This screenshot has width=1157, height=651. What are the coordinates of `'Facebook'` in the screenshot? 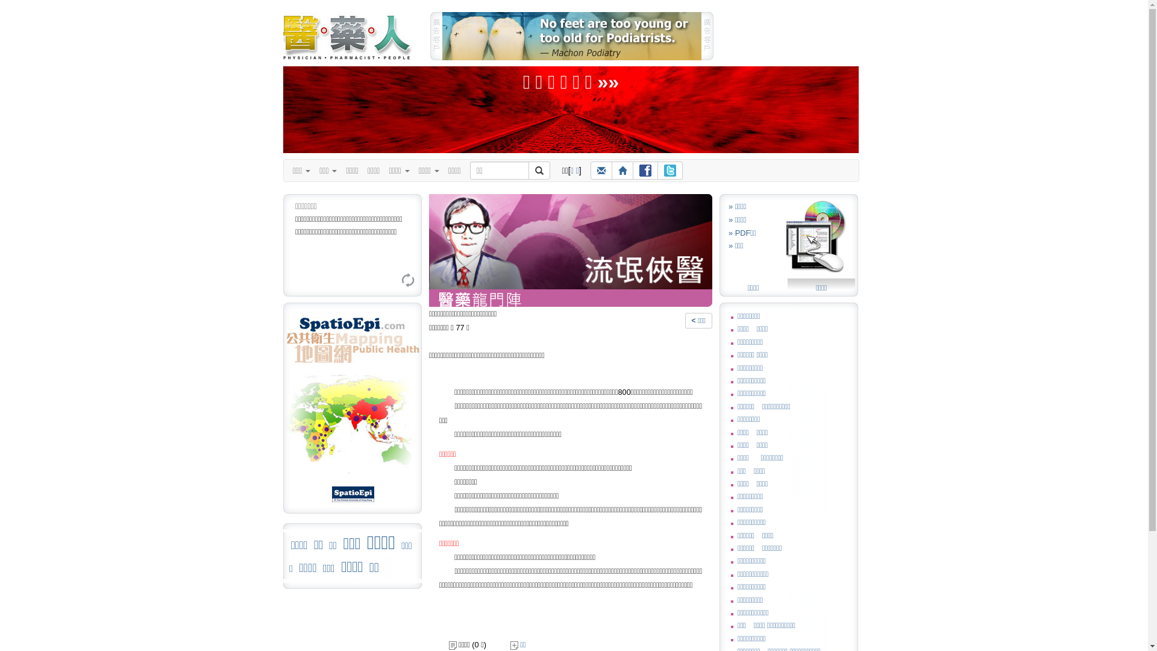 It's located at (644, 170).